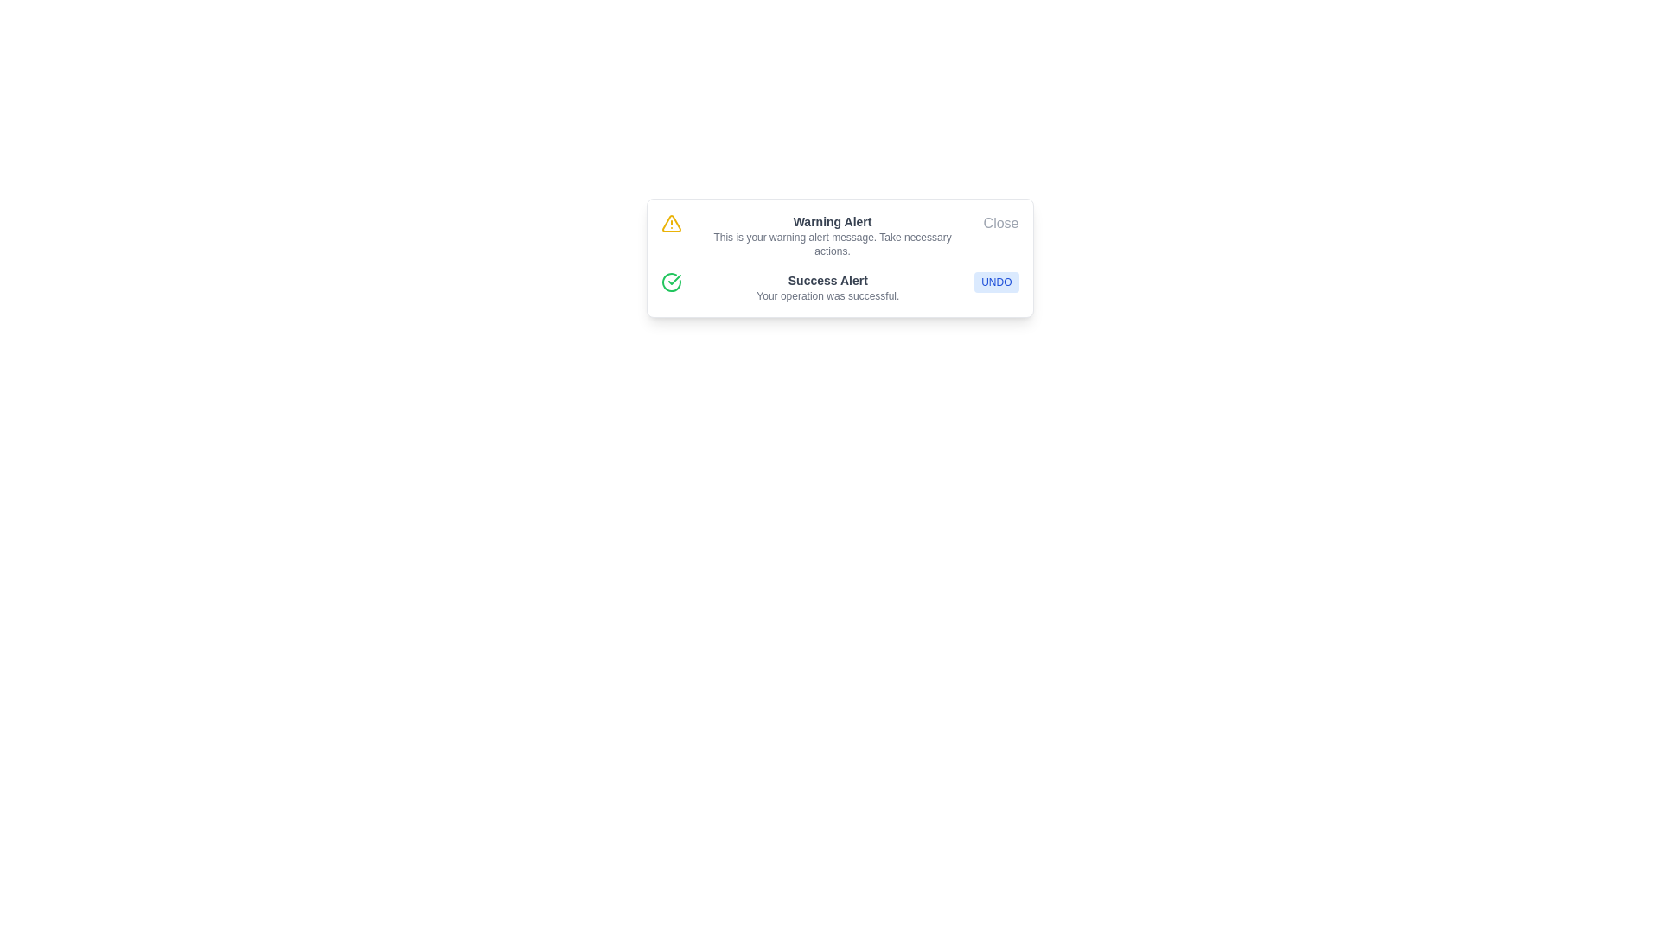 The width and height of the screenshot is (1660, 933). What do you see at coordinates (1001, 222) in the screenshot?
I see `the 'Close' link in the top-right corner of the warning alert box to change its color` at bounding box center [1001, 222].